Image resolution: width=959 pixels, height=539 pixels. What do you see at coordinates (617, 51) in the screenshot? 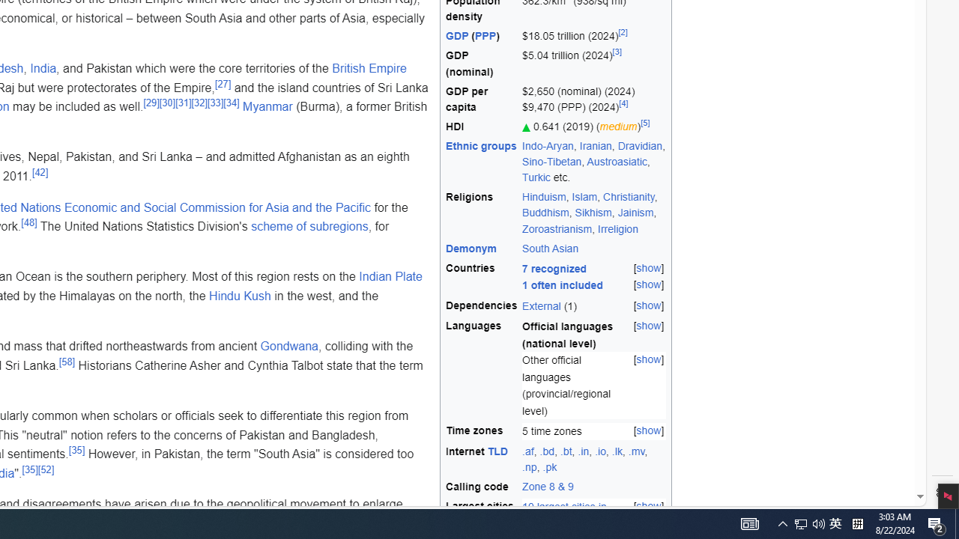
I see `'[3]'` at bounding box center [617, 51].